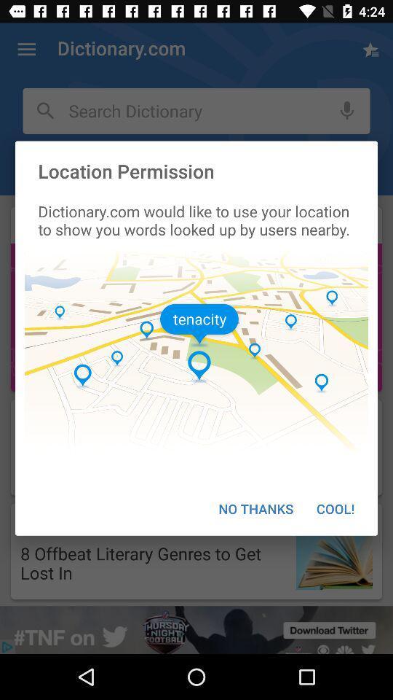 This screenshot has height=700, width=393. I want to click on the icon to the right of the no thanks icon, so click(336, 508).